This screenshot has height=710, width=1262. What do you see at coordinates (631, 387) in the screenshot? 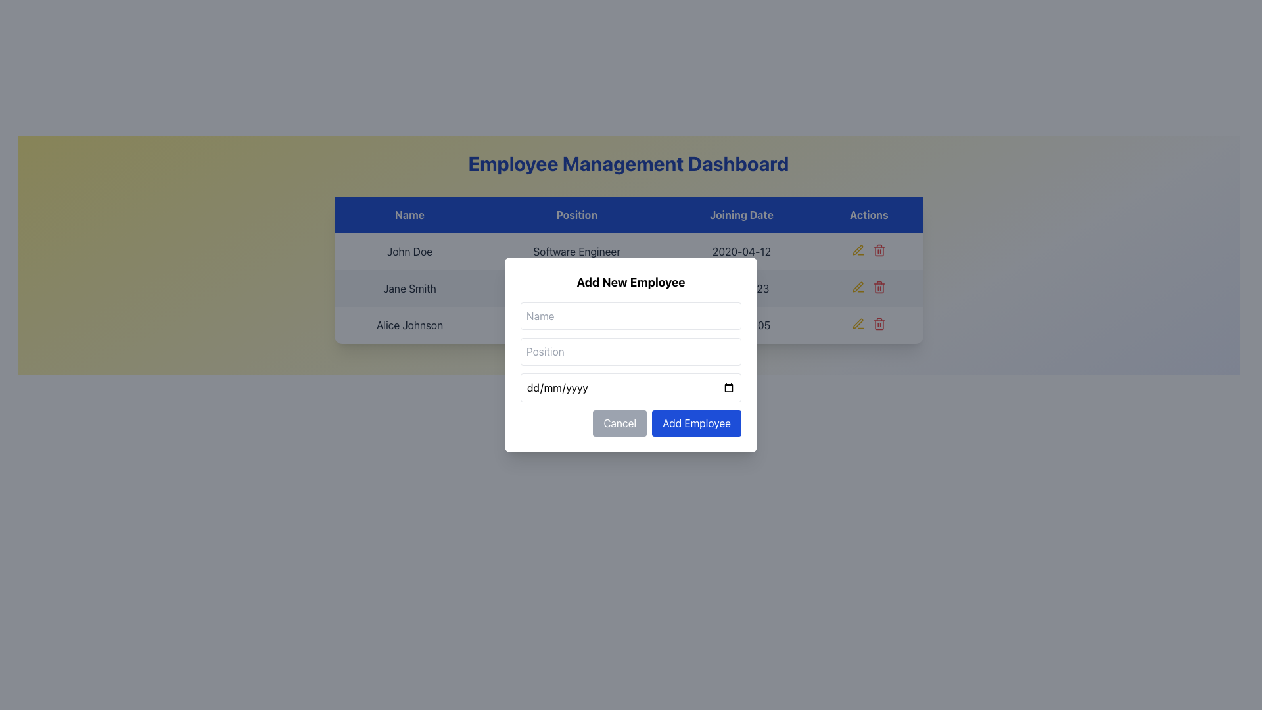
I see `a date from the calendar popup in the date input field located in the 'Add New Employee' modal dialog, which is styled with a rounded border and has a placeholder 'dd/mm/yyyy'` at bounding box center [631, 387].